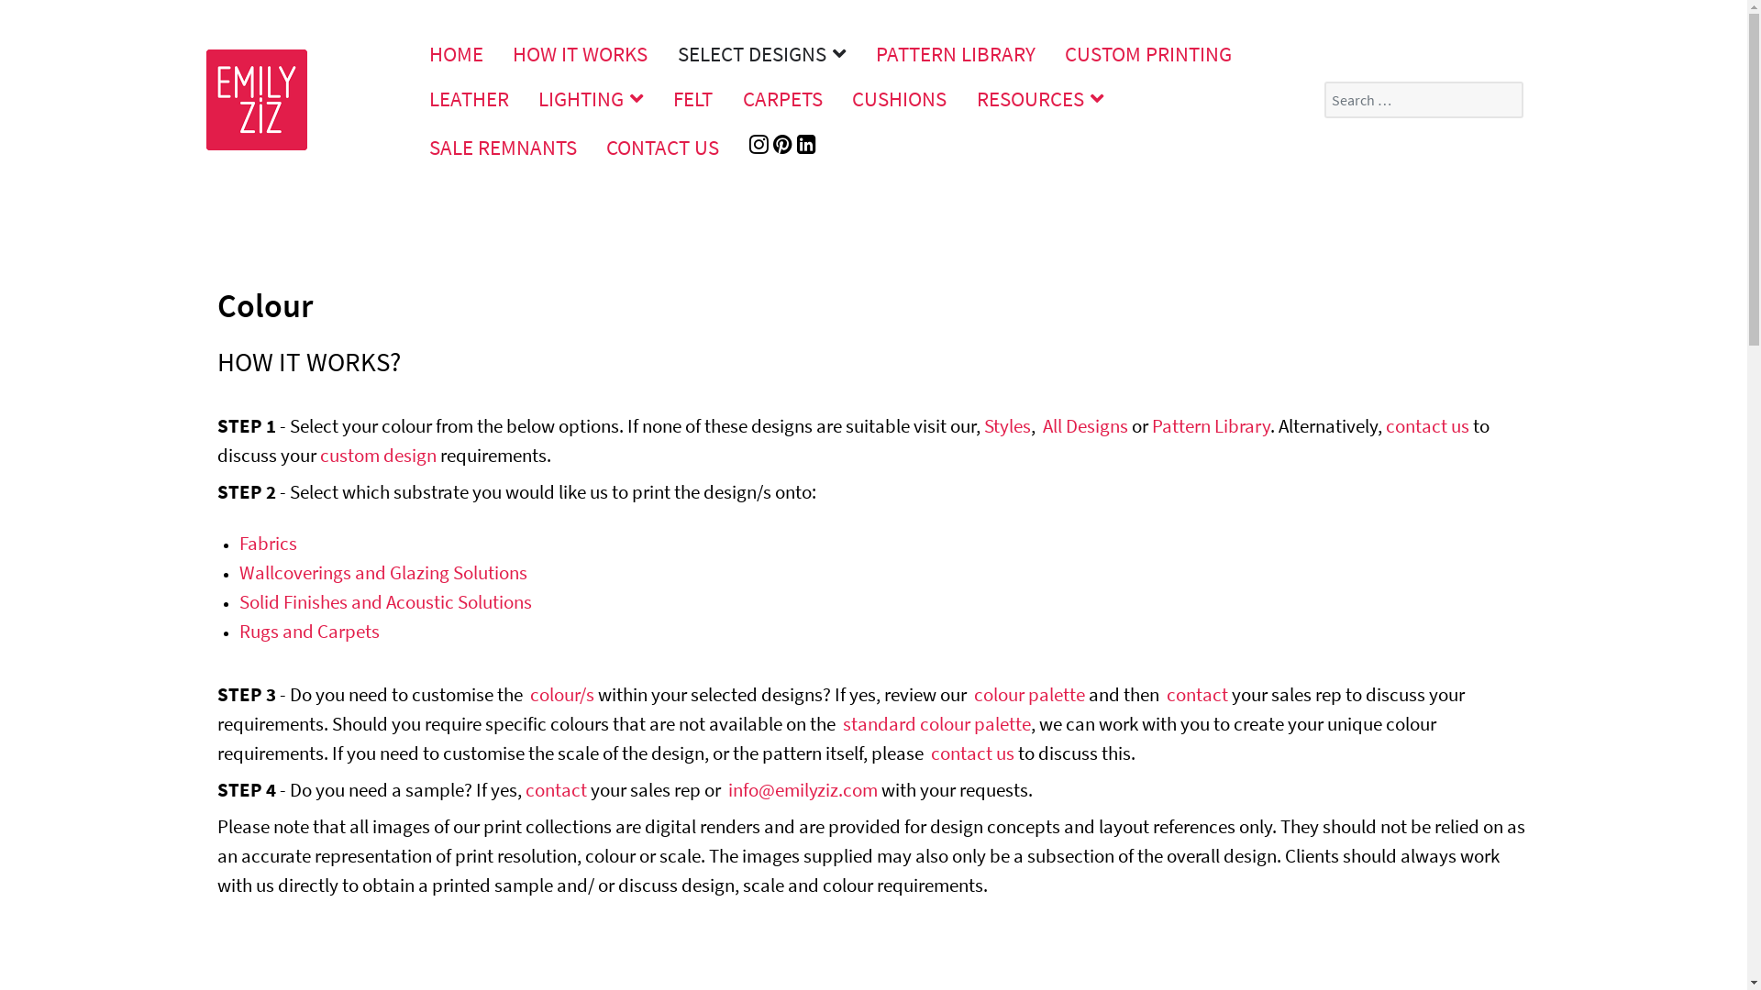 The height and width of the screenshot is (990, 1761). What do you see at coordinates (469, 98) in the screenshot?
I see `'LEATHER'` at bounding box center [469, 98].